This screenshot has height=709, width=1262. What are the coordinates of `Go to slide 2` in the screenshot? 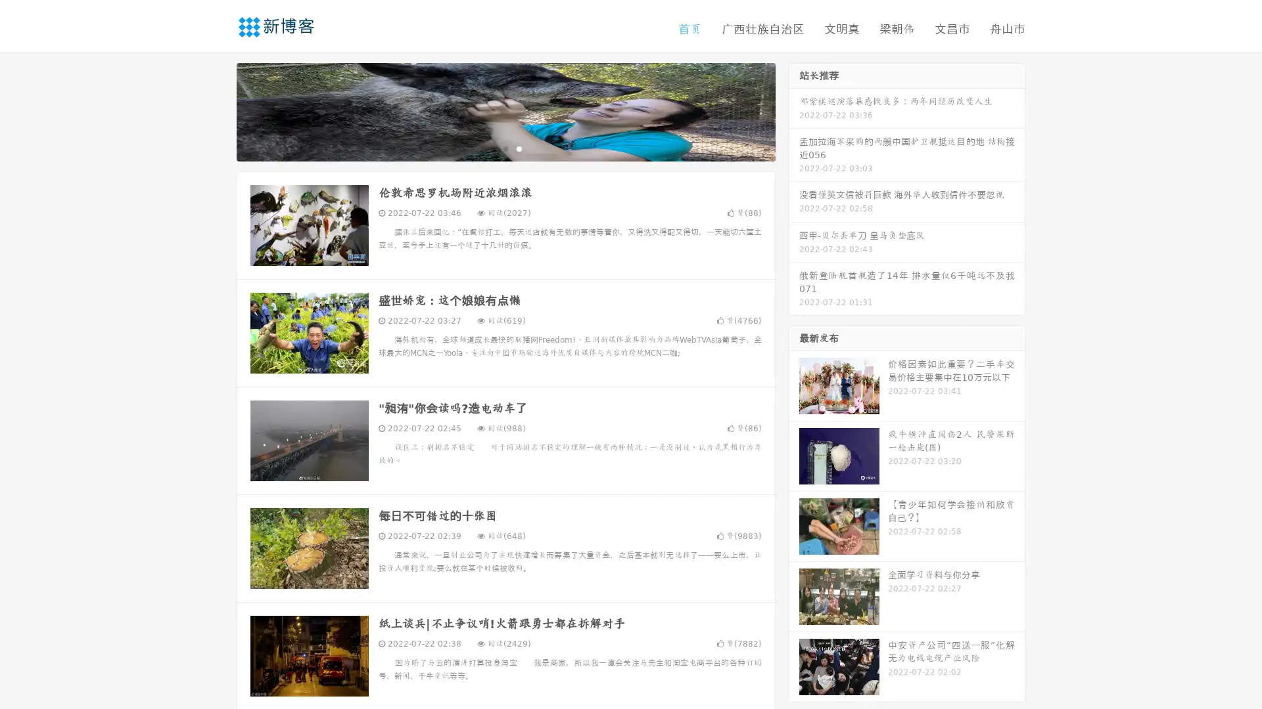 It's located at (505, 148).